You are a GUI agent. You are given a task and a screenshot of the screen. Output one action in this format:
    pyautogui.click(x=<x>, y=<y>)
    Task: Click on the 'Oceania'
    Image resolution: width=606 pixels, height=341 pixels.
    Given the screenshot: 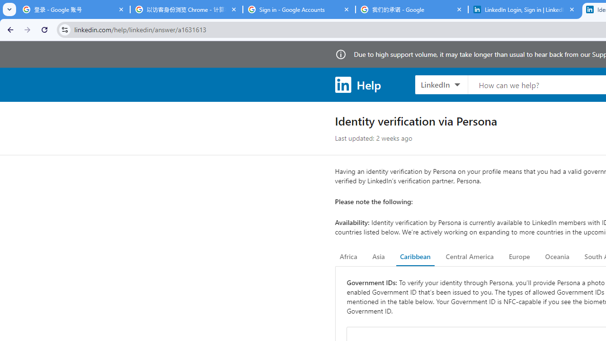 What is the action you would take?
    pyautogui.click(x=557, y=257)
    